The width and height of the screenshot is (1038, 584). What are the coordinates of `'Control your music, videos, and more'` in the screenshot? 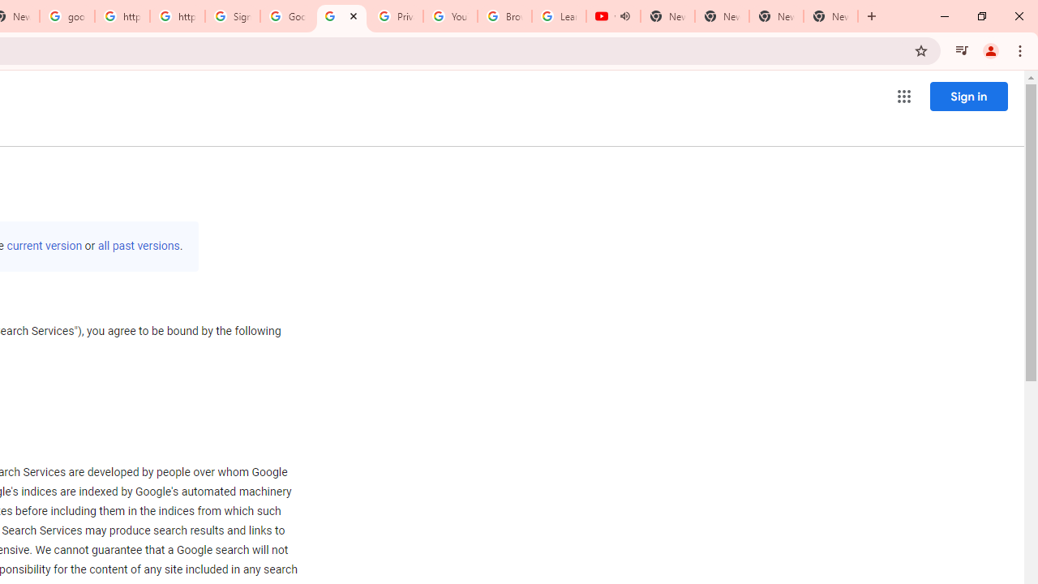 It's located at (961, 49).